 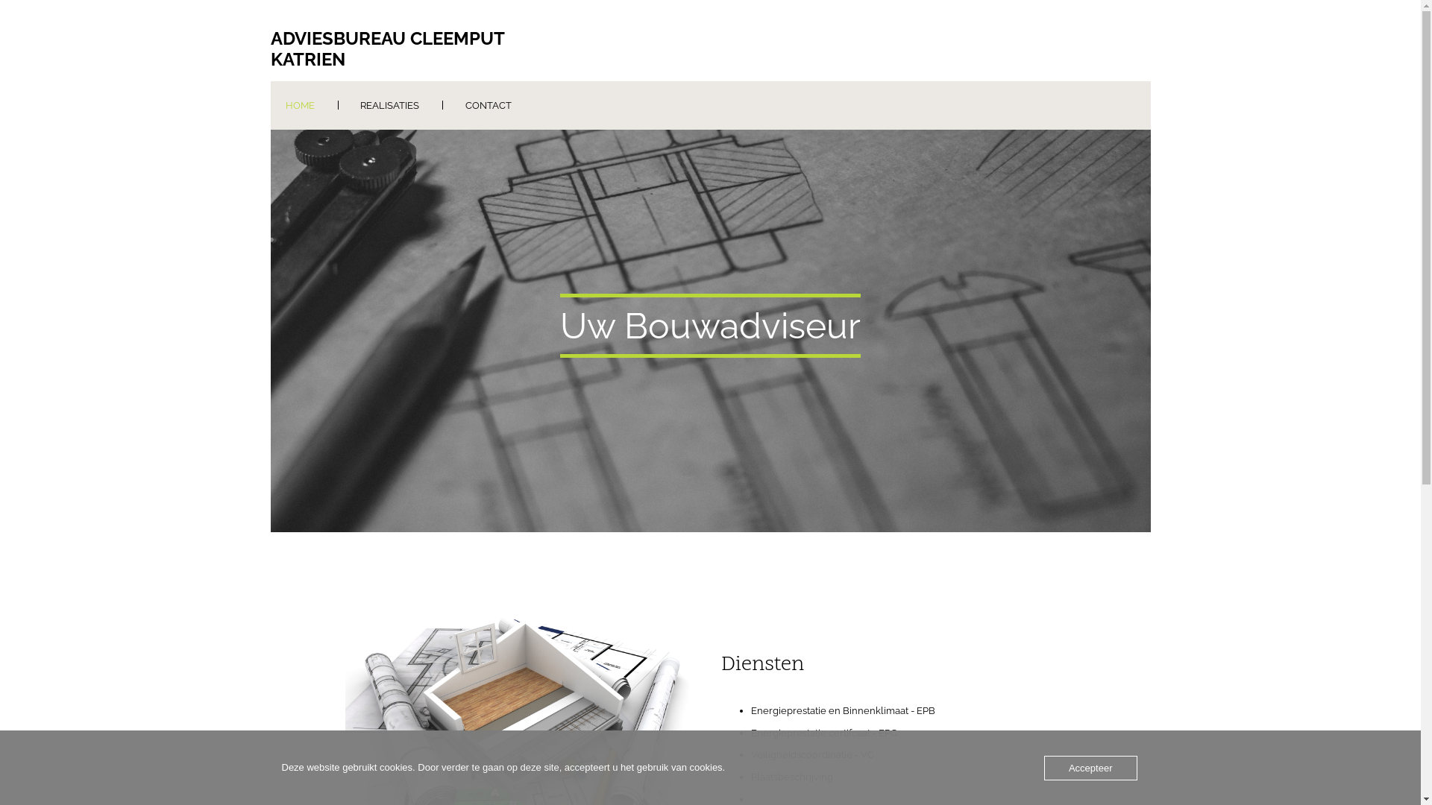 What do you see at coordinates (298, 104) in the screenshot?
I see `'HOME'` at bounding box center [298, 104].